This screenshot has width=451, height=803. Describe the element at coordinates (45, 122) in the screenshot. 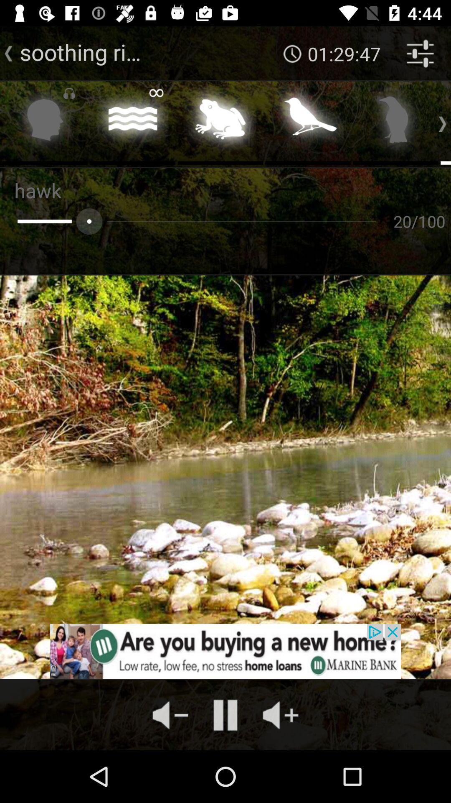

I see `headphones` at that location.